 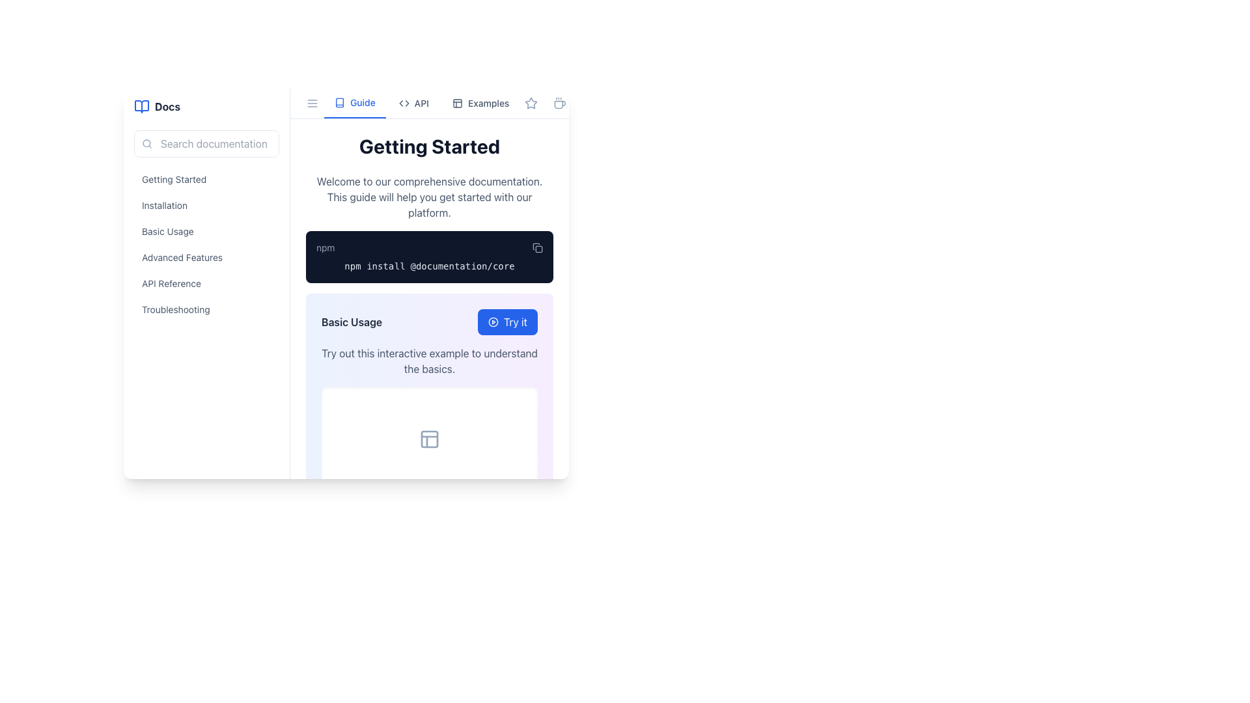 I want to click on text label 'Docs' which is a bold text styled in dark slate color, located in the sidebar to the right of a book icon, so click(x=167, y=106).